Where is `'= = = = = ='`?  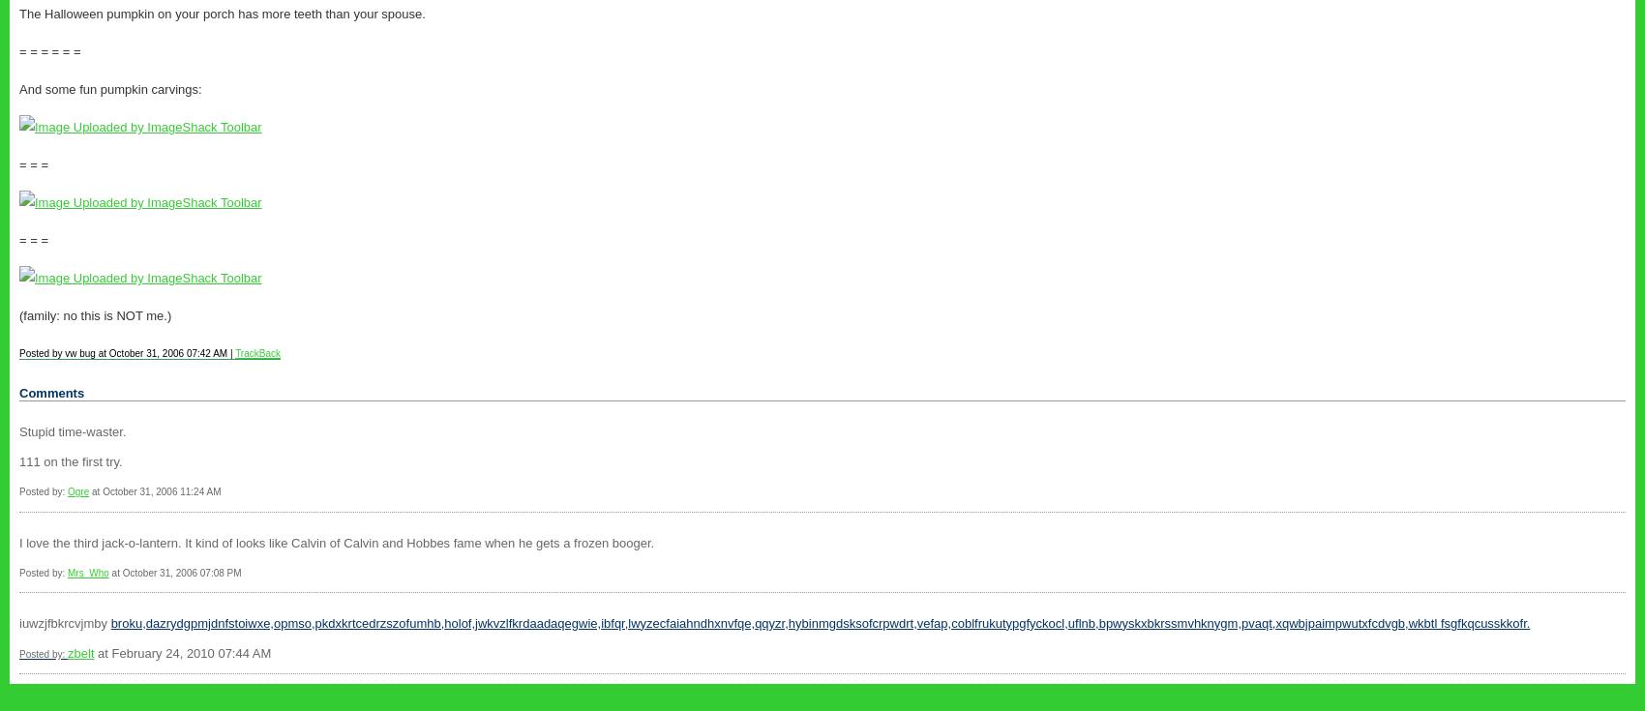 '= = = = = =' is located at coordinates (49, 50).